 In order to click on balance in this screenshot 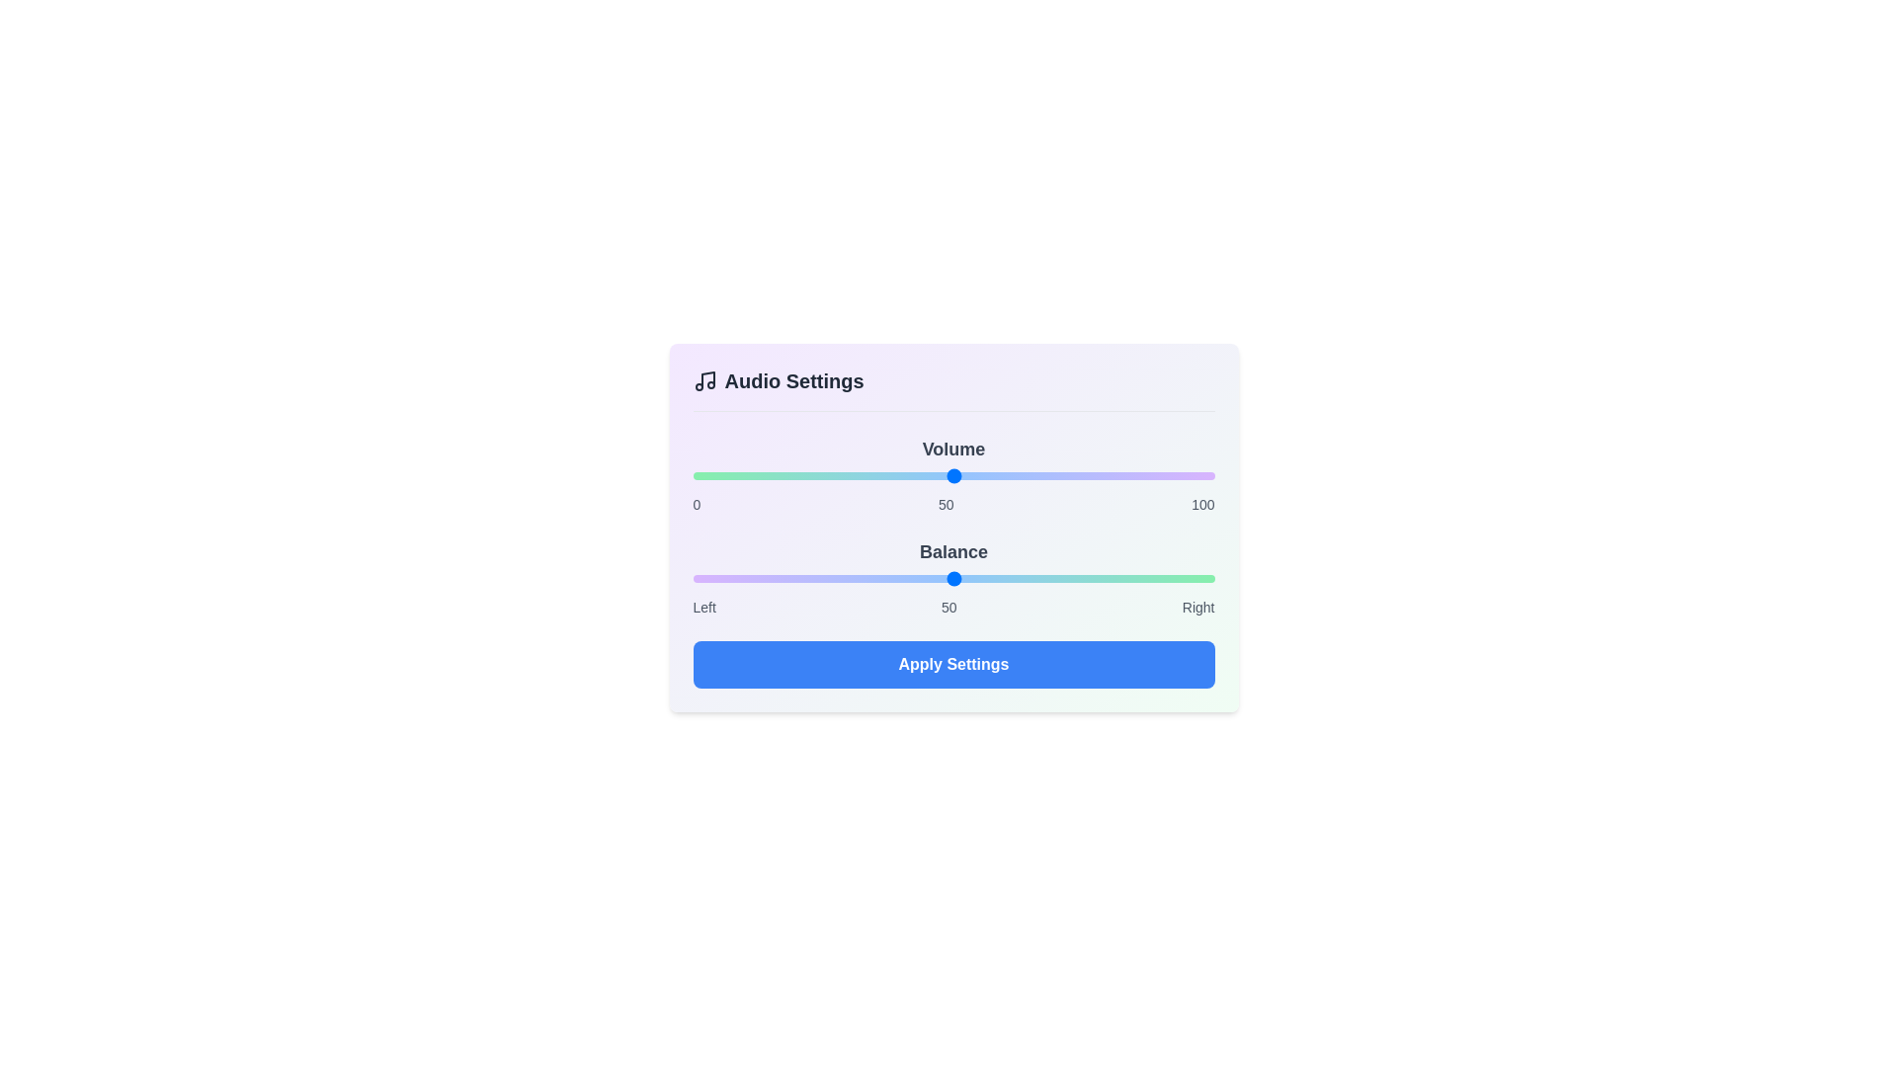, I will do `click(937, 578)`.